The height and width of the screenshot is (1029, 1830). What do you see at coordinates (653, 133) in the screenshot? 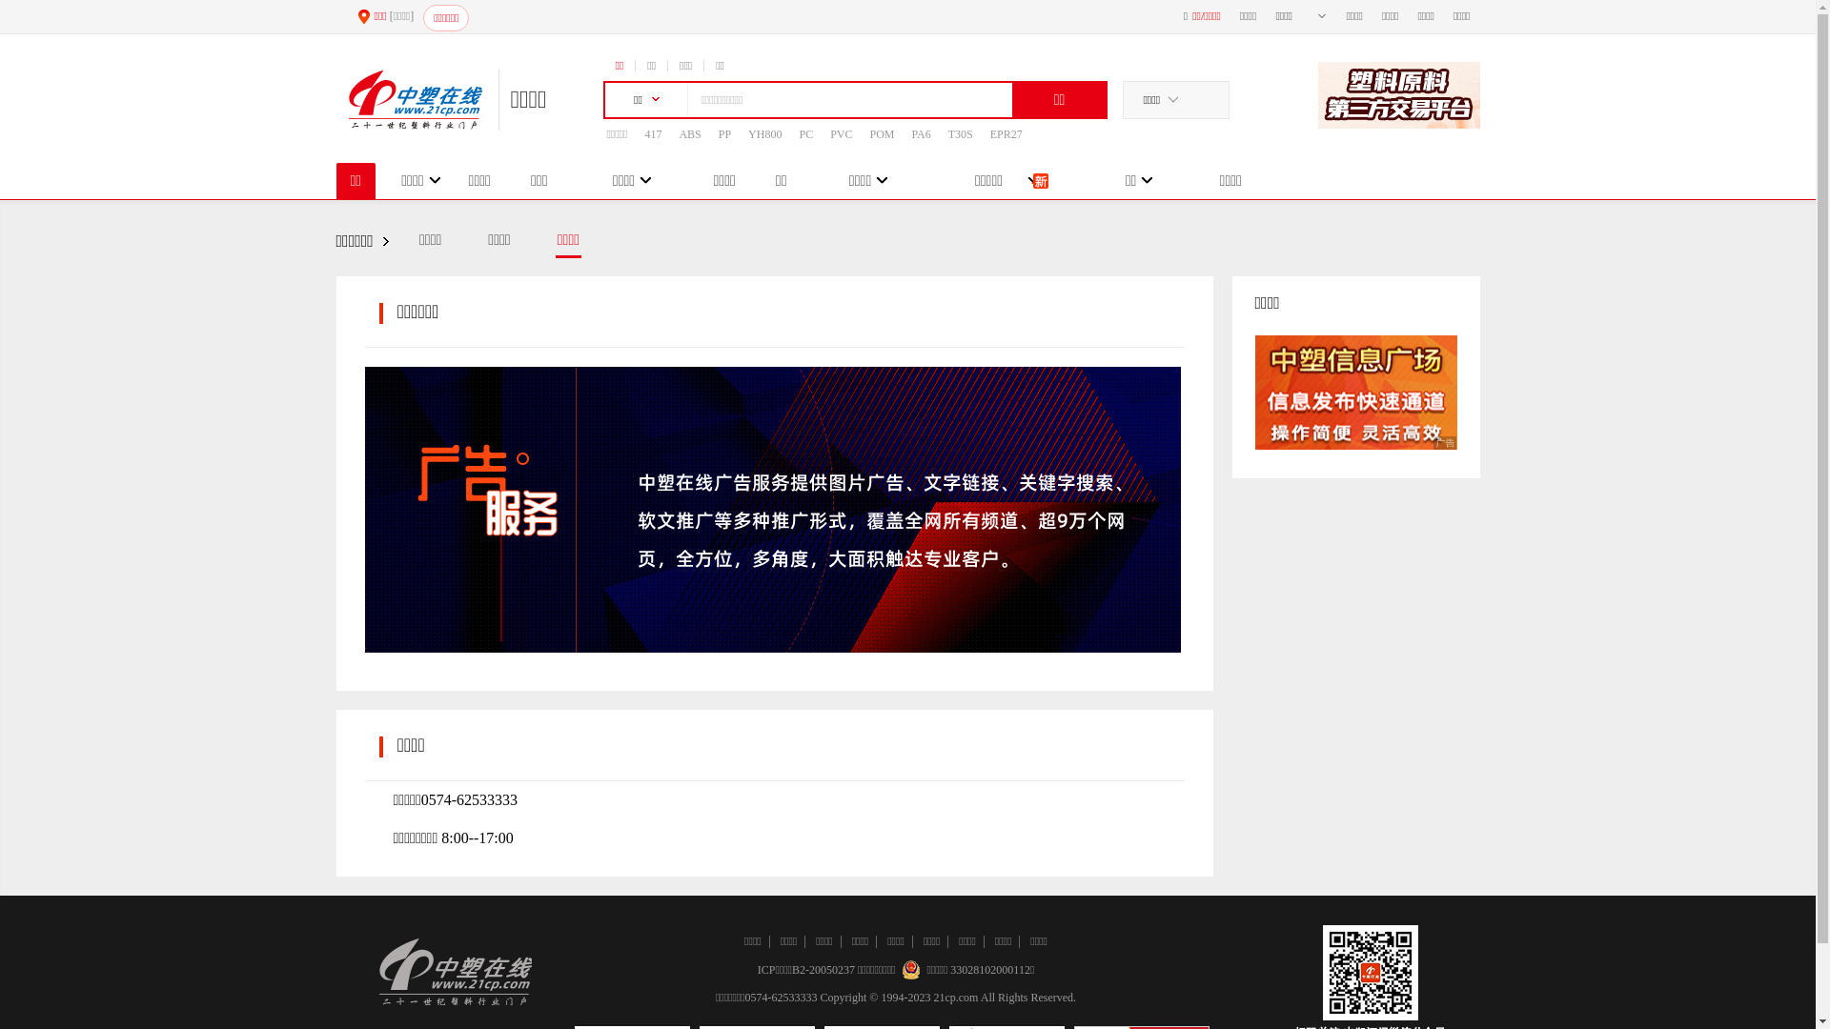
I see `'417'` at bounding box center [653, 133].